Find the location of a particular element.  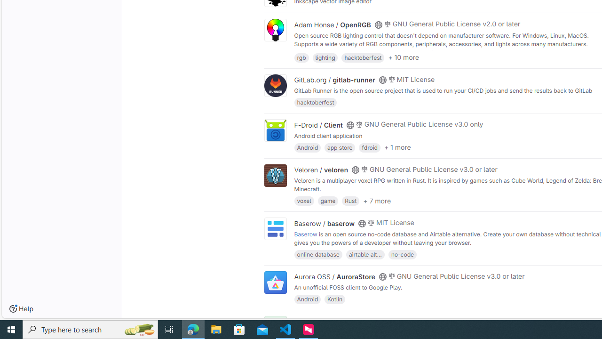

'app store' is located at coordinates (340, 147).